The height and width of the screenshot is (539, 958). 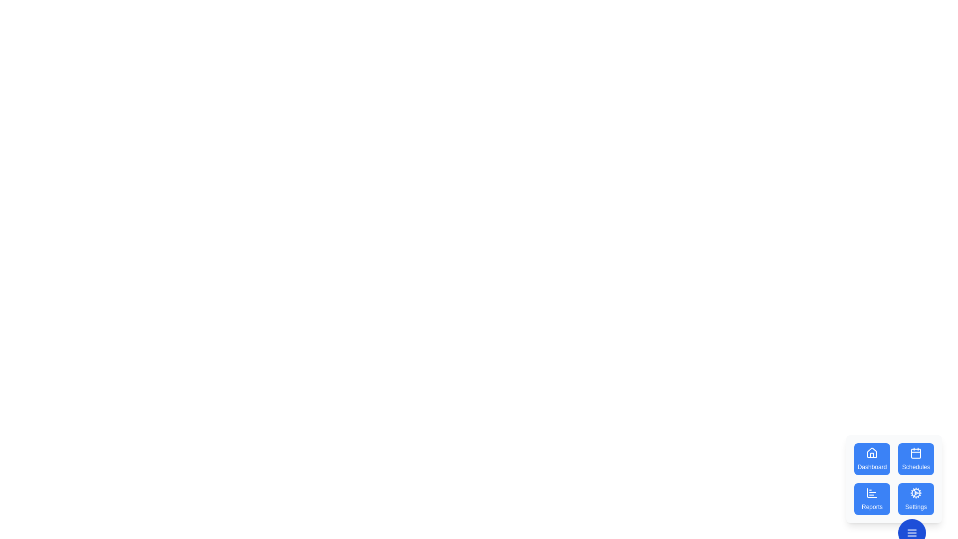 What do you see at coordinates (916, 459) in the screenshot?
I see `the Schedules button to select the corresponding action` at bounding box center [916, 459].